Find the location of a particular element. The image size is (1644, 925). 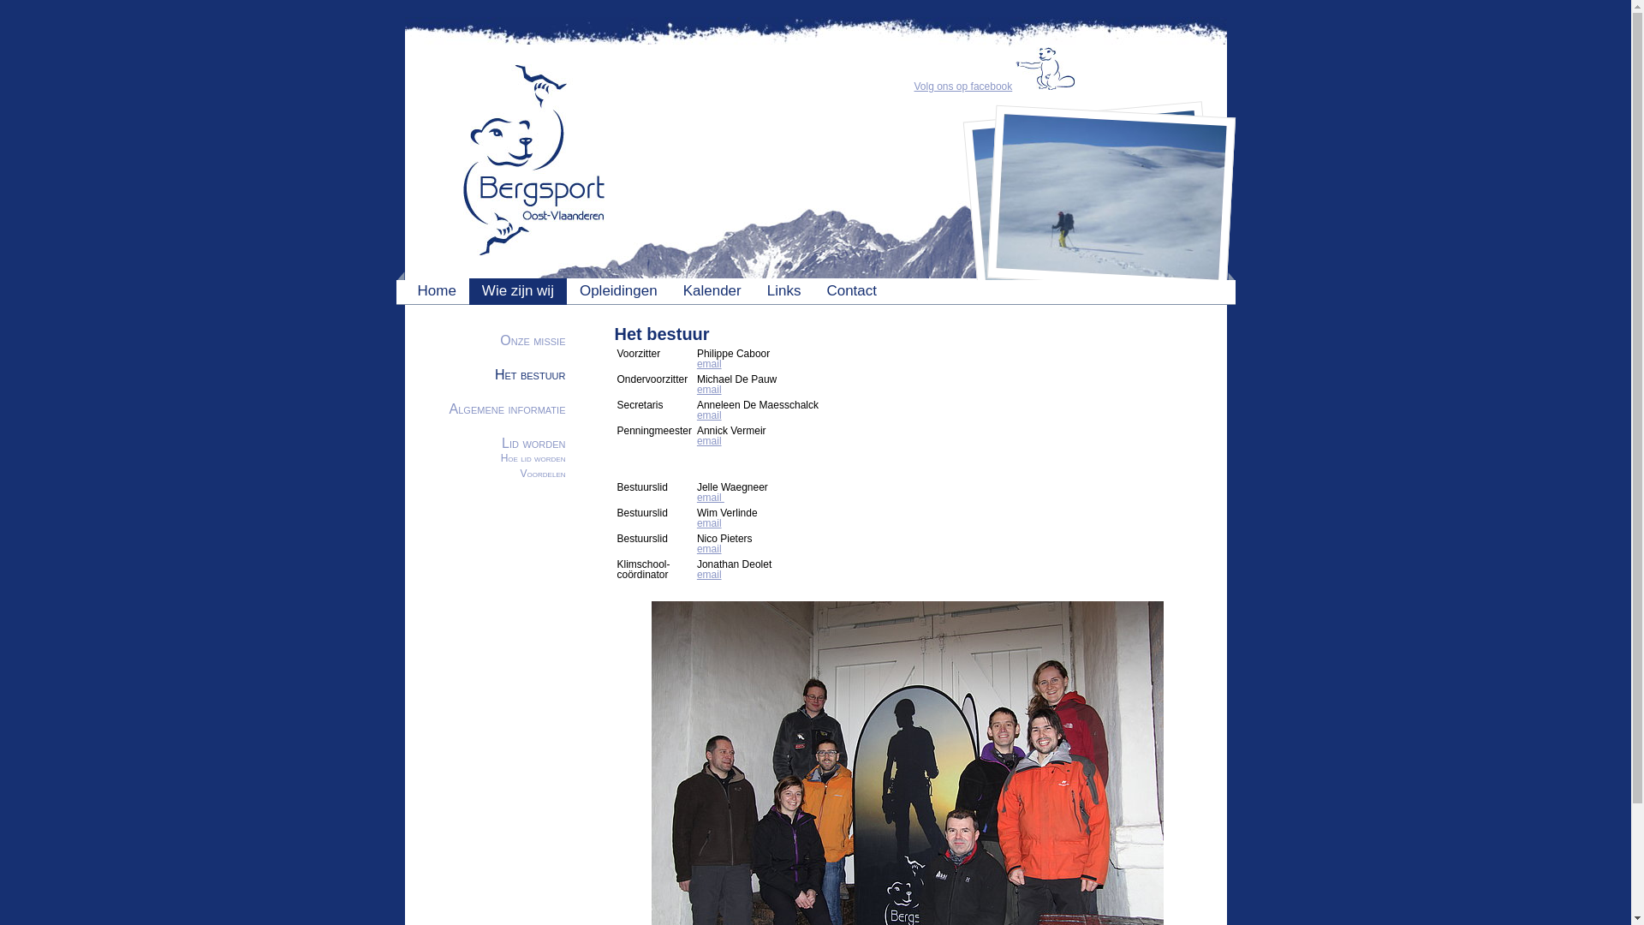

'Wie zijn wij' is located at coordinates (516, 289).